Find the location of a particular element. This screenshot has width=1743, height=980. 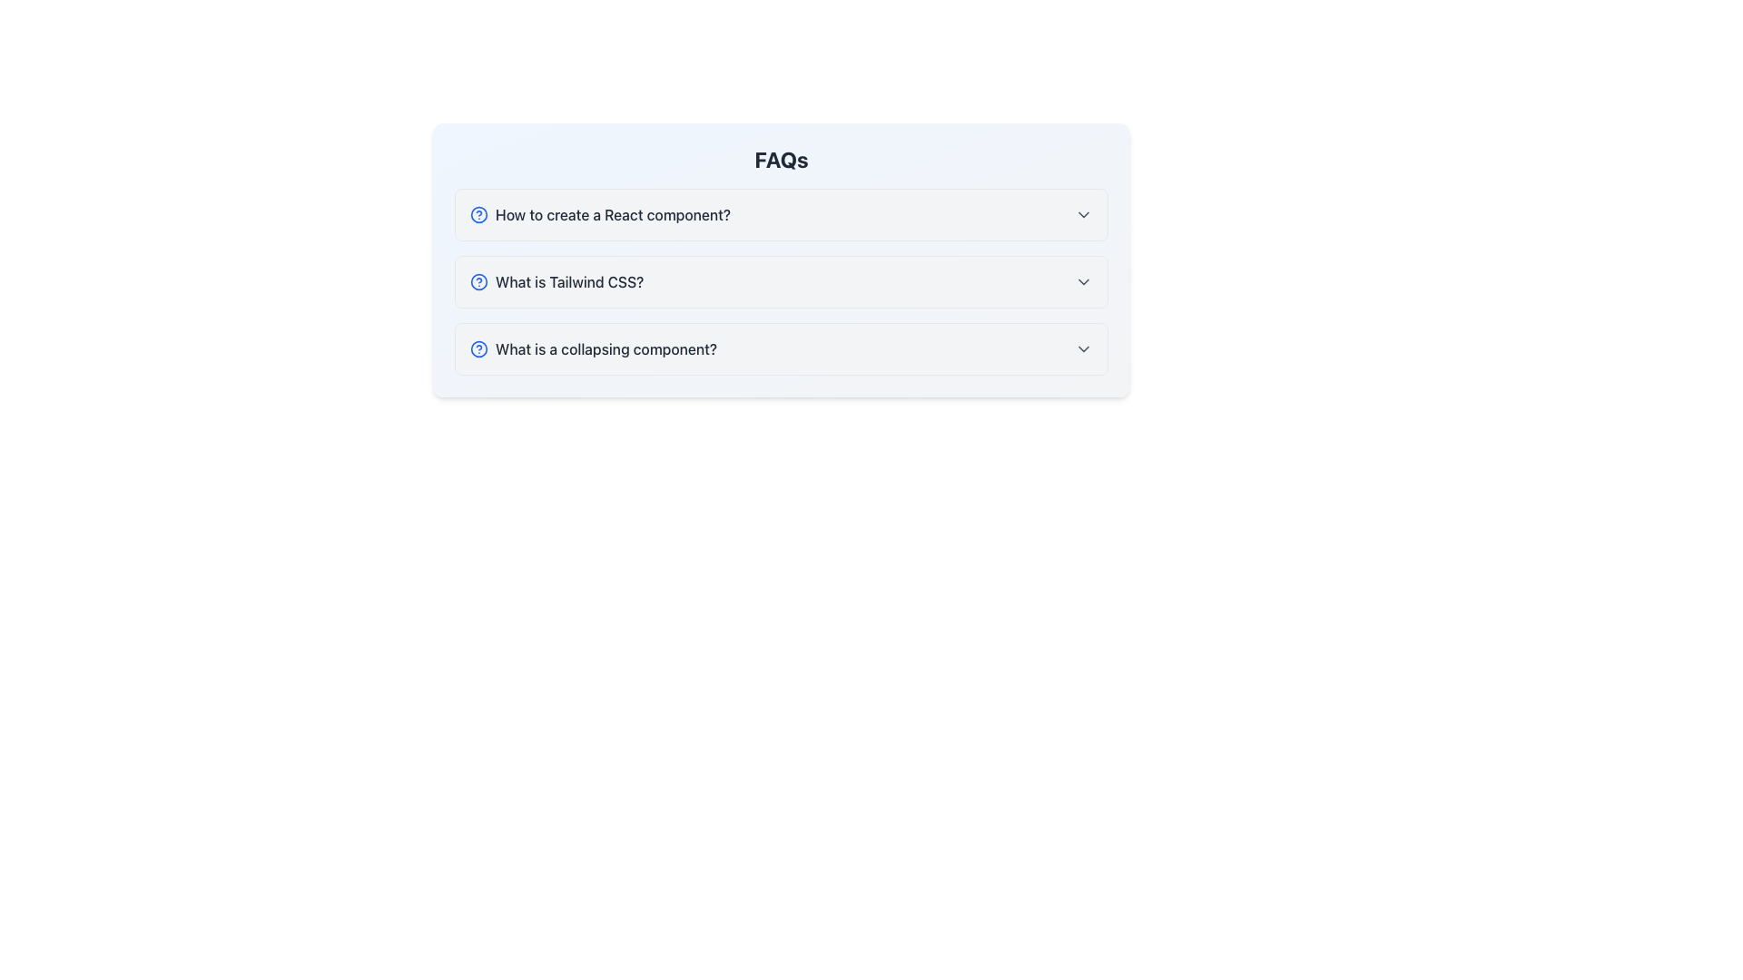

the collapsible item labeled 'How to create a React component?' is located at coordinates (781, 213).